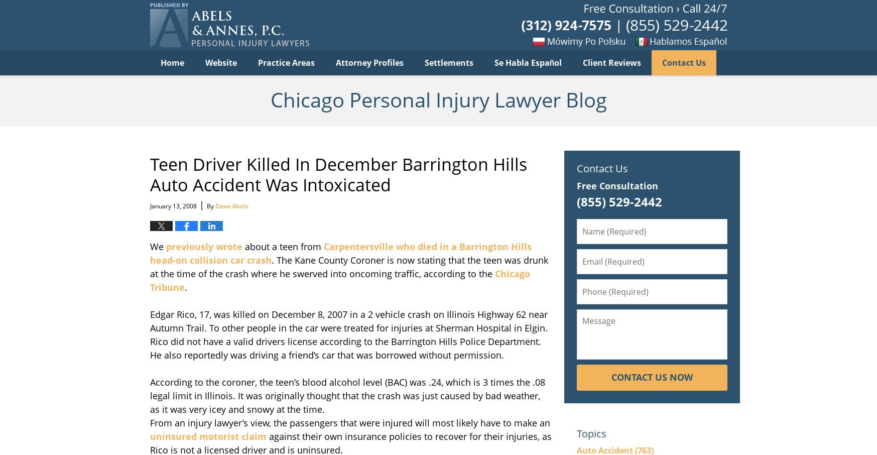 Image resolution: width=877 pixels, height=455 pixels. What do you see at coordinates (348, 334) in the screenshot?
I see `'Edgar Rico, 17,  was killed on December 8, 2007 in a 2 vehicle crash on Illinois Highway 62 near Autumn Trail.  To other people in the car were treated for injuries at Sherman Hospital in Elgin.  Rico did not have a valid drivers license according to the Barrington Hills Police Department.  He also reportedly was driving a friend’s car that was borrowed without permission.'` at bounding box center [348, 334].